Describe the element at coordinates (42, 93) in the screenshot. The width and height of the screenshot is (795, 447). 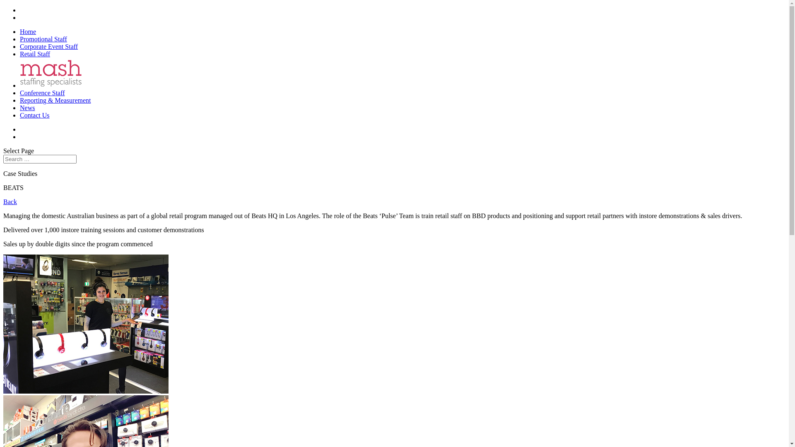
I see `'Conference Staff'` at that location.